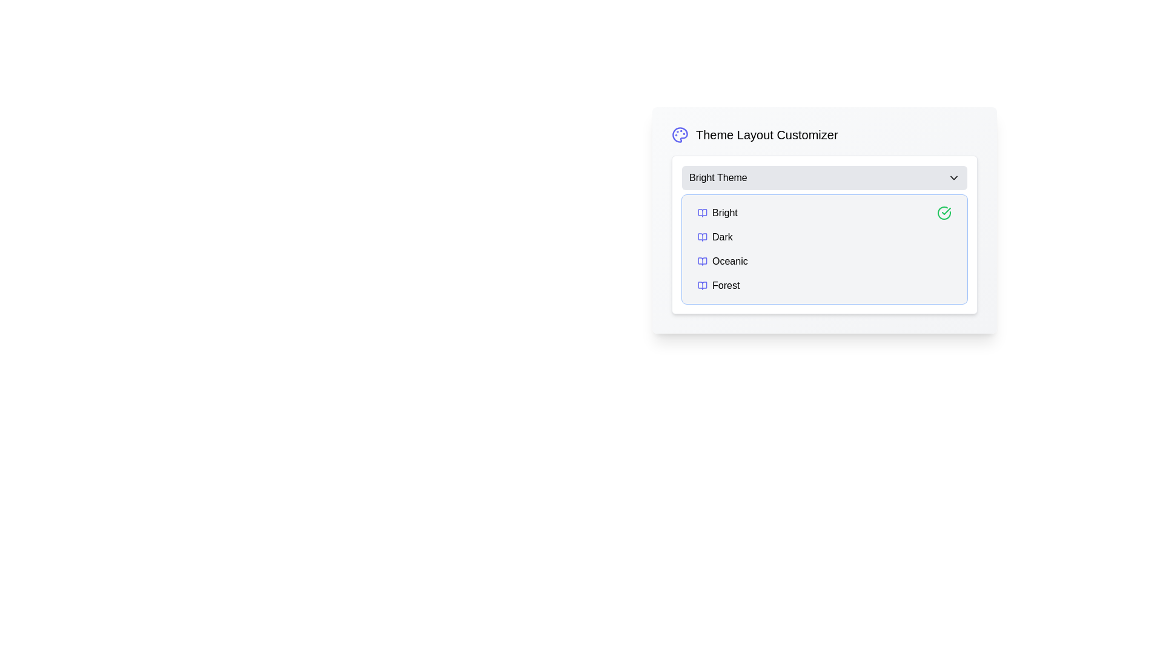 The height and width of the screenshot is (654, 1163). Describe the element at coordinates (824, 177) in the screenshot. I see `the 'Bright Theme' dropdown menu` at that location.